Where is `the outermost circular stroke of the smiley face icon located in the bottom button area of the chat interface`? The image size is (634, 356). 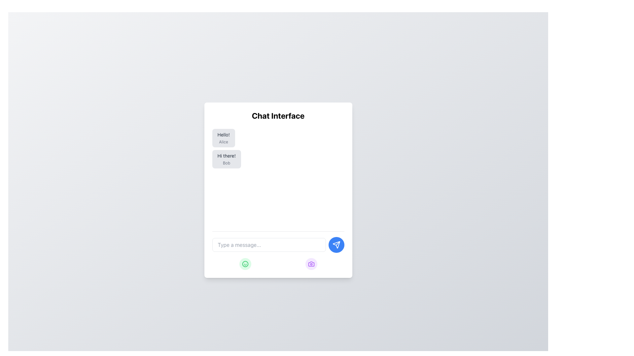 the outermost circular stroke of the smiley face icon located in the bottom button area of the chat interface is located at coordinates (245, 264).